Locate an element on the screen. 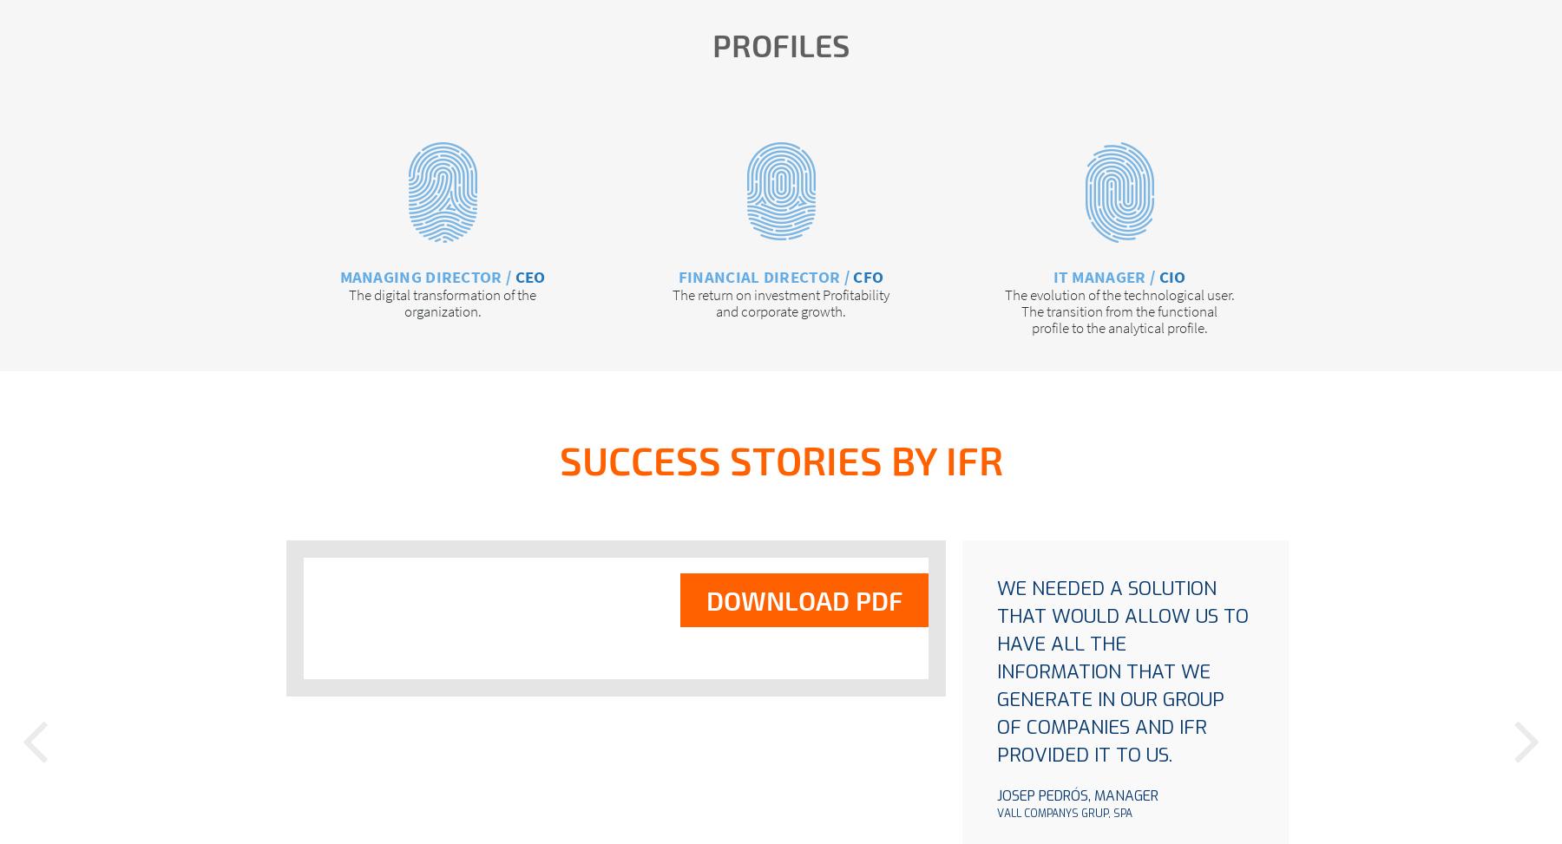 The image size is (1562, 844). 'The digital transformation of the organization.' is located at coordinates (441, 302).